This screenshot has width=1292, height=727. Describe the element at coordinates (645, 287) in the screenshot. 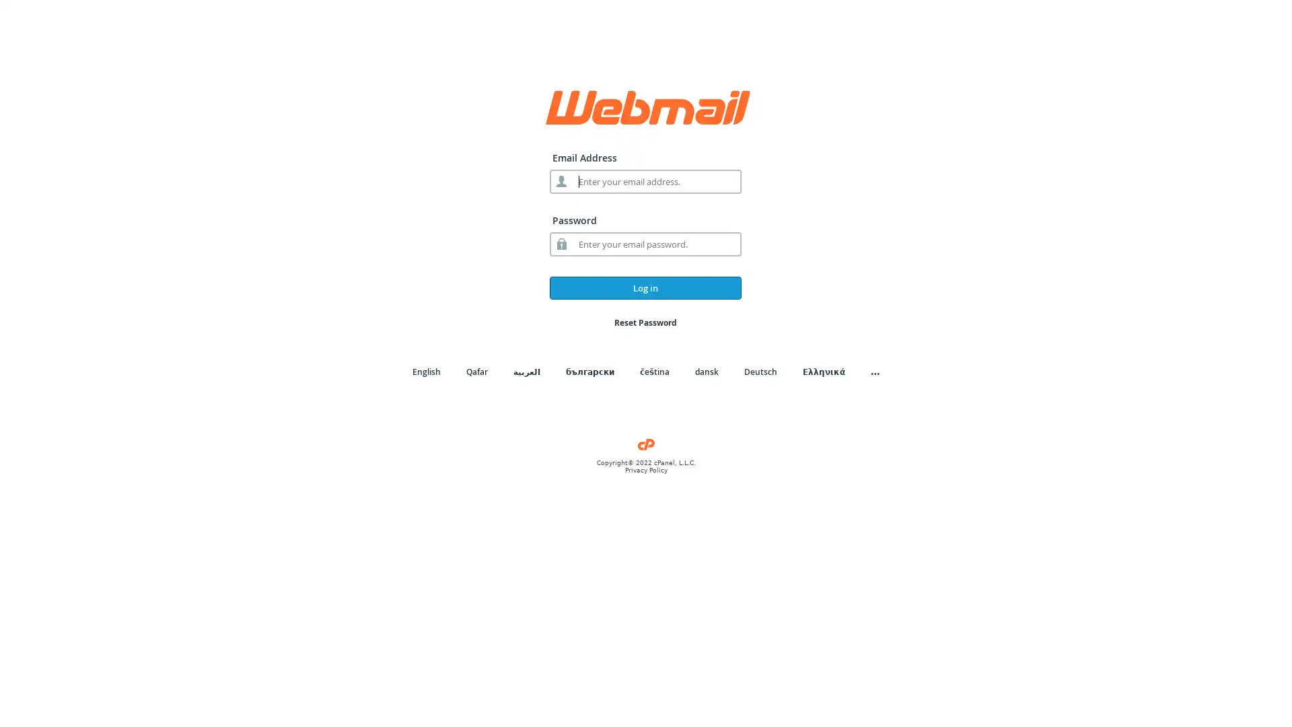

I see `Log in` at that location.